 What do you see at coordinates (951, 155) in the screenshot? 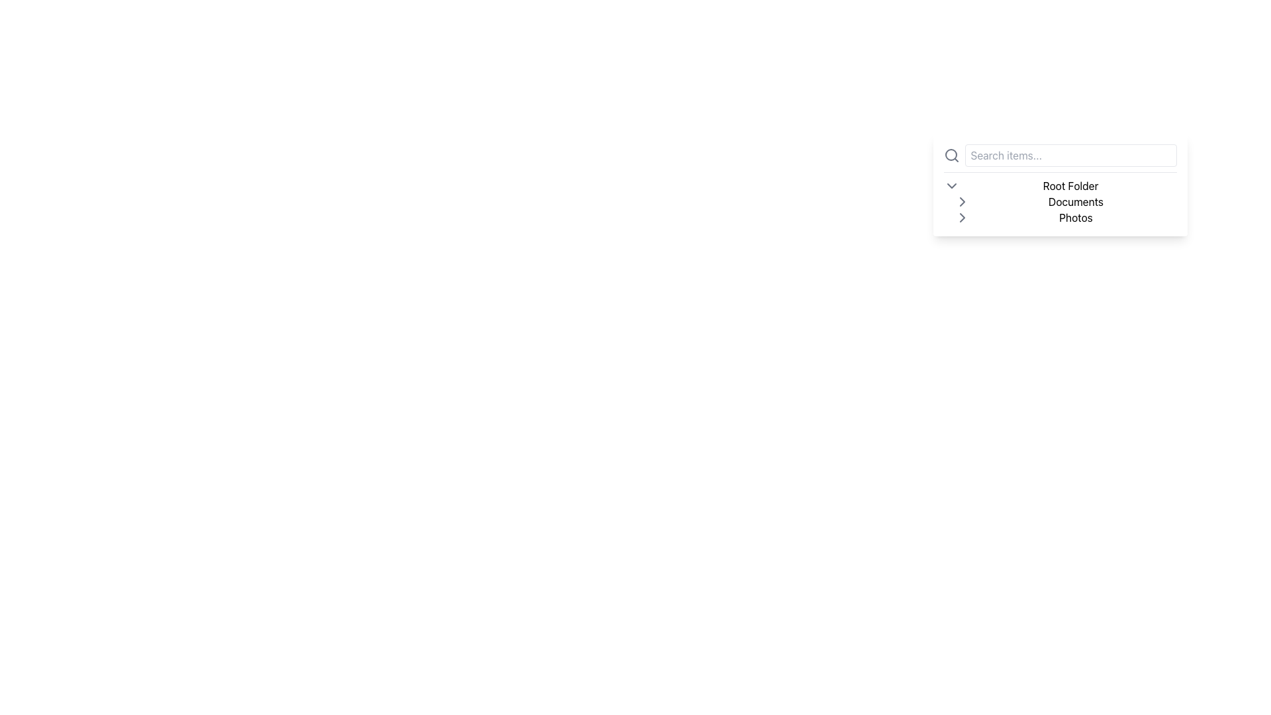
I see `the magnifying glass icon, which is an outline style gray icon located to the left of the search text input field` at bounding box center [951, 155].